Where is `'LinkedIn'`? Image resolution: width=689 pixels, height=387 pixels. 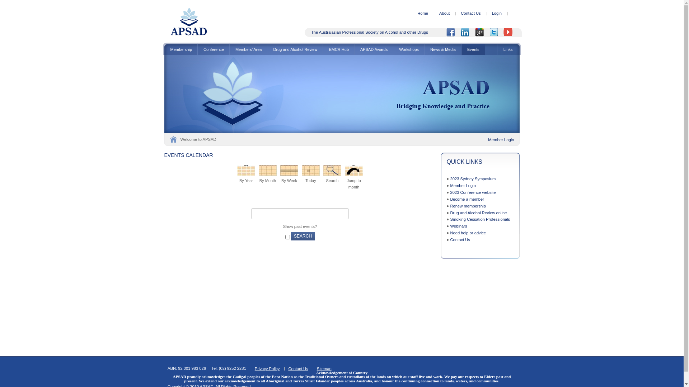
'LinkedIn' is located at coordinates (467, 32).